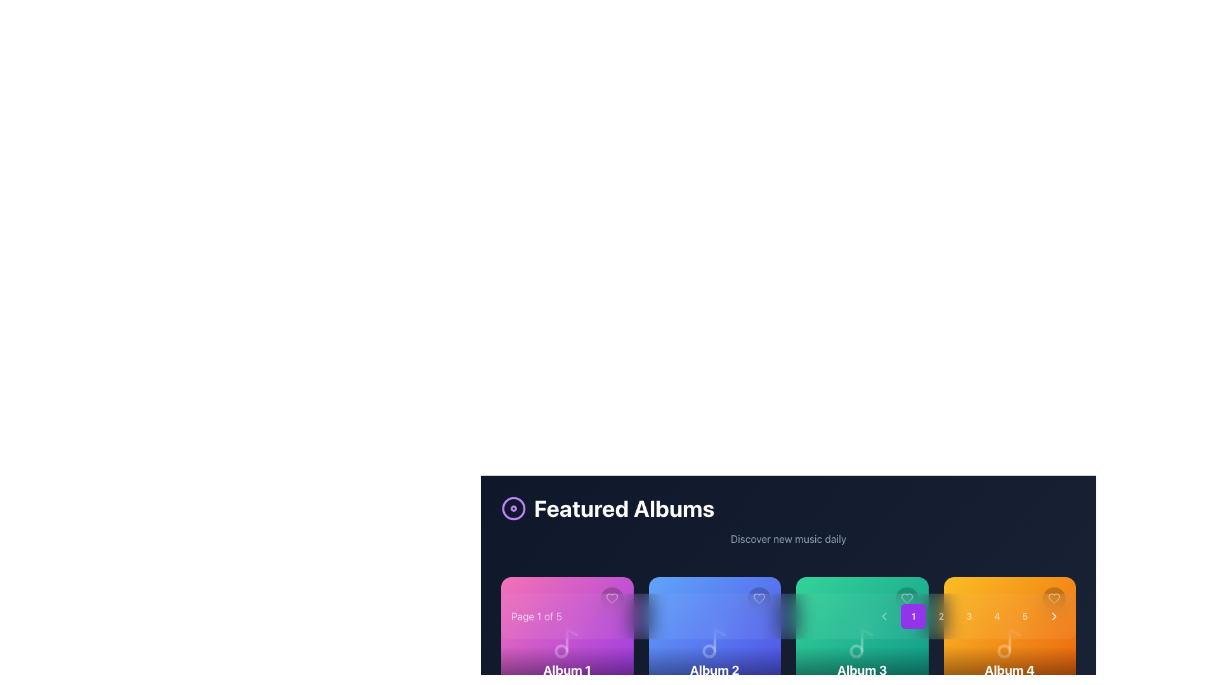  What do you see at coordinates (537, 616) in the screenshot?
I see `the text label displaying 'Page 1 of 5' which is located within a purple rectangle at the bottom left of the interface` at bounding box center [537, 616].